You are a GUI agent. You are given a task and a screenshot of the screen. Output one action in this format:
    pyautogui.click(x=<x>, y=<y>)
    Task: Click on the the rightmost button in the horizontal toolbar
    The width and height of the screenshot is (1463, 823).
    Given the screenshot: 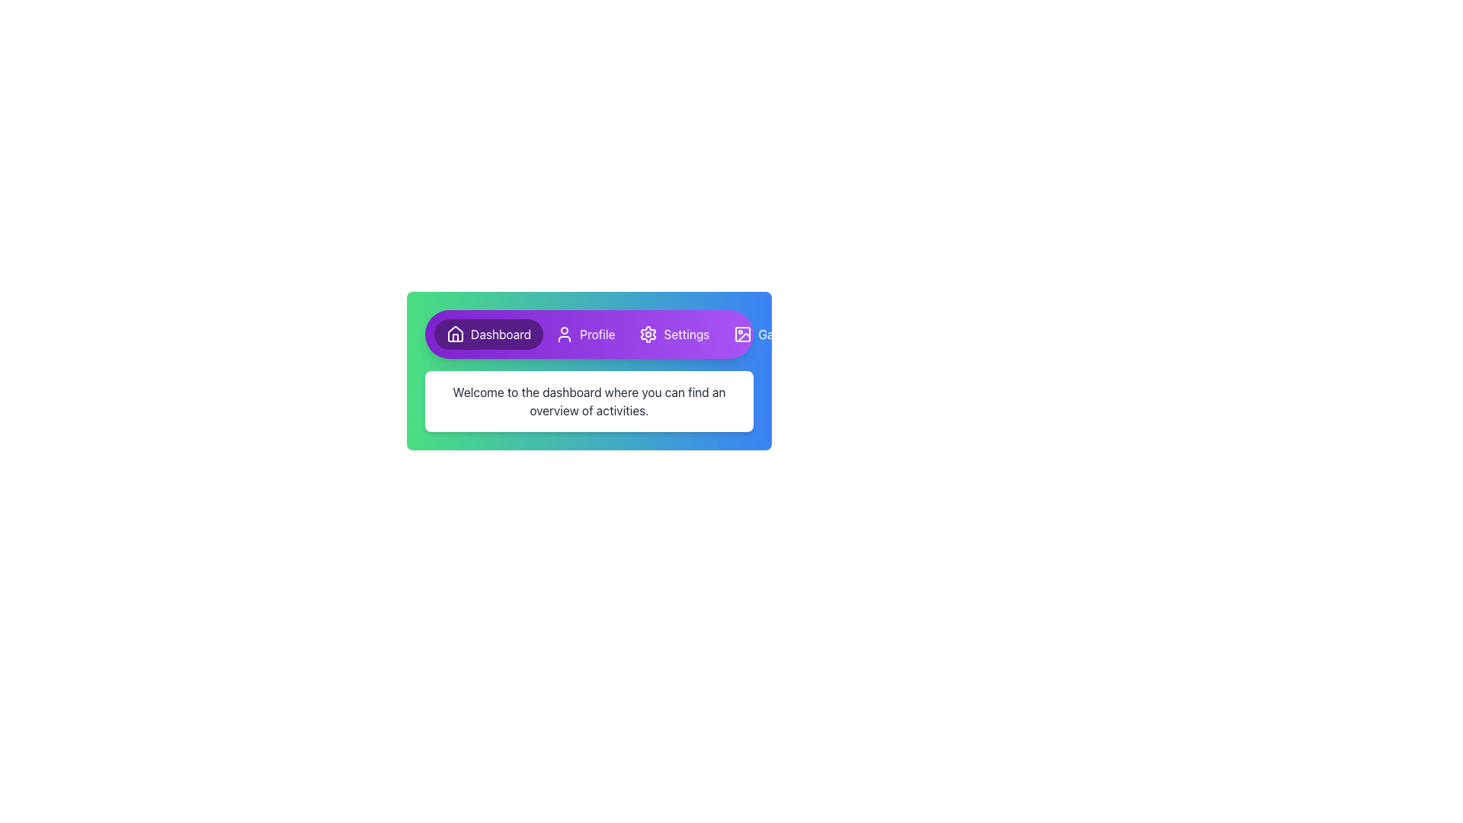 What is the action you would take?
    pyautogui.click(x=765, y=334)
    